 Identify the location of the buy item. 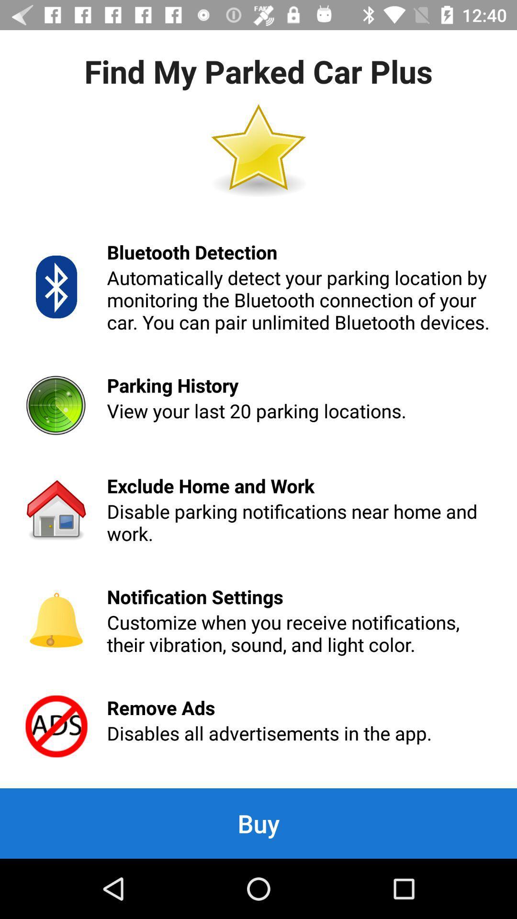
(258, 823).